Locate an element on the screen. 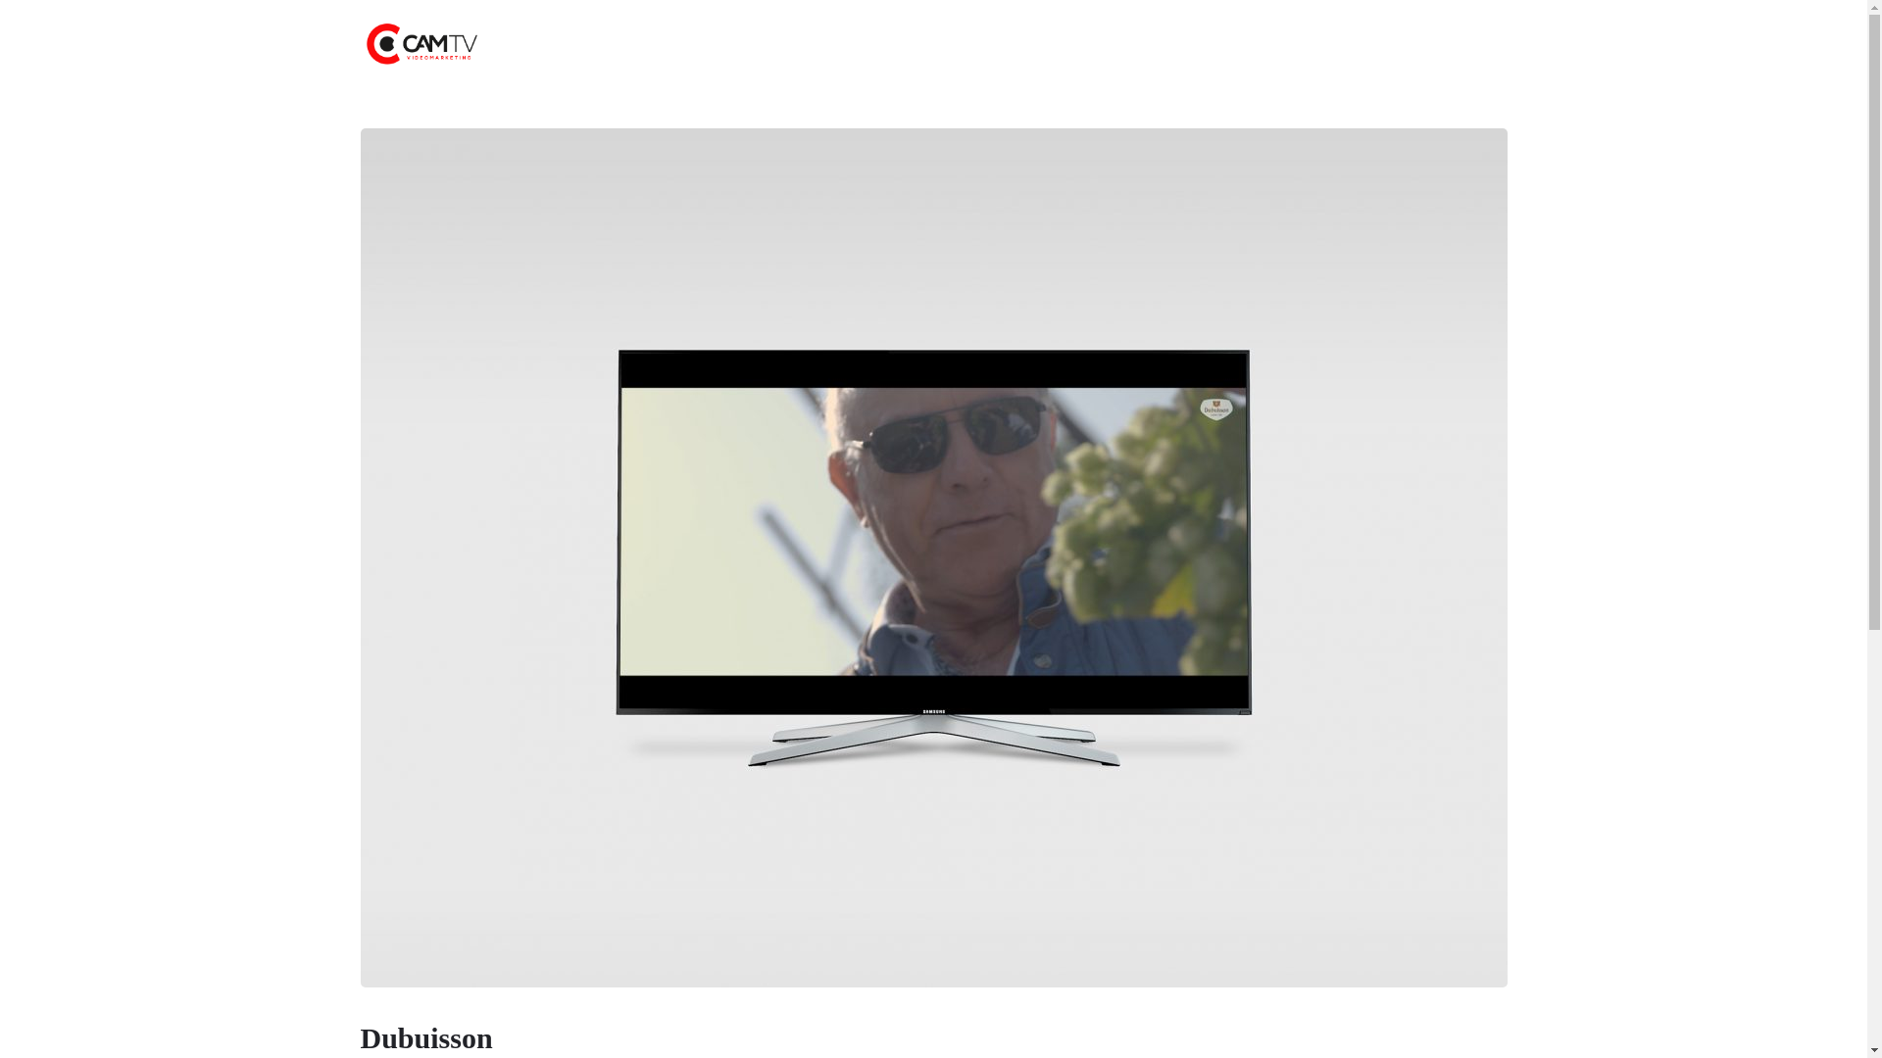 Image resolution: width=1882 pixels, height=1058 pixels. 'ABOUT US' is located at coordinates (662, 44).